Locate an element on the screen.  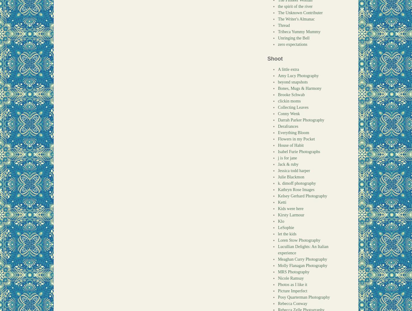
'House of Habit' is located at coordinates (290, 145).